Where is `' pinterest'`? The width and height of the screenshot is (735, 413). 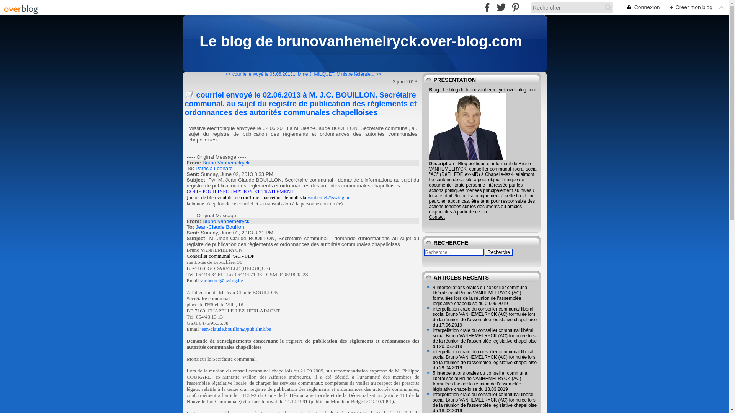 ' pinterest' is located at coordinates (515, 7).